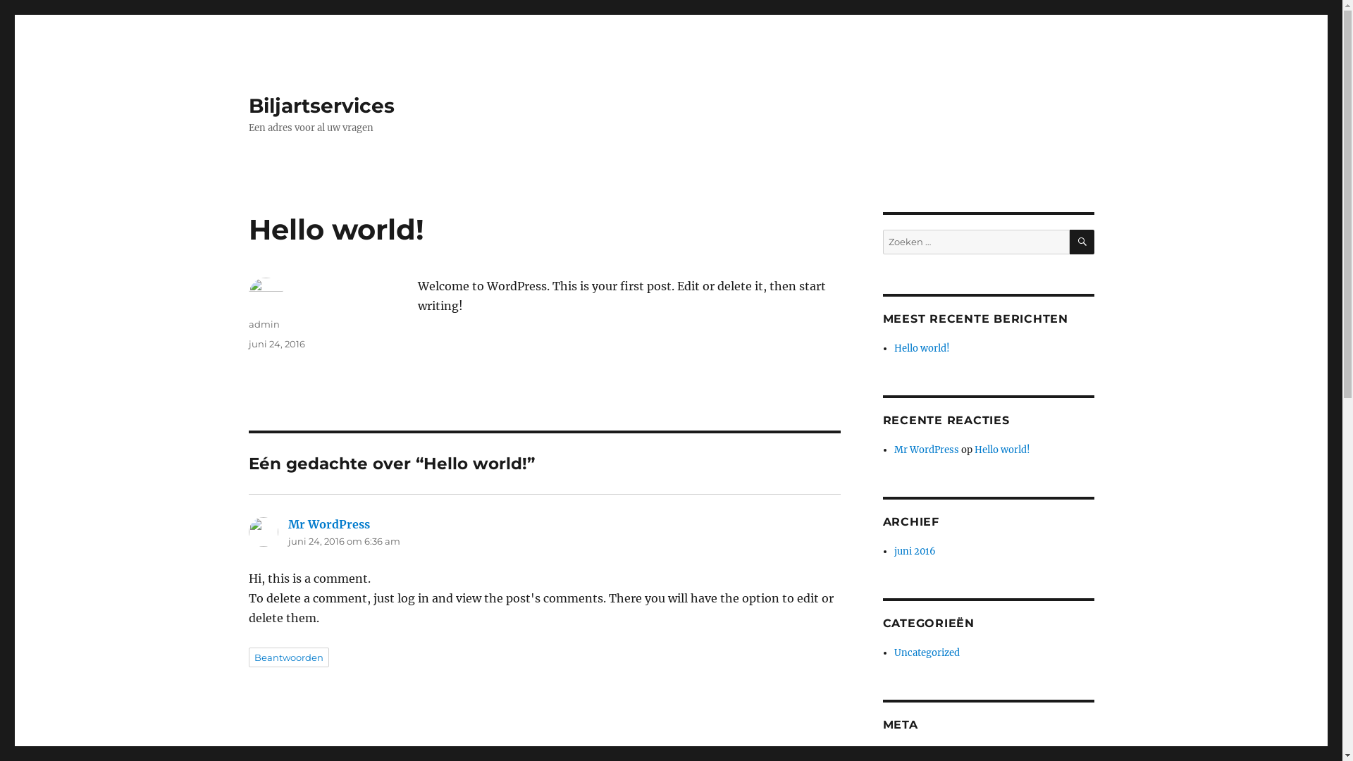  What do you see at coordinates (1001, 450) in the screenshot?
I see `'Hello world!'` at bounding box center [1001, 450].